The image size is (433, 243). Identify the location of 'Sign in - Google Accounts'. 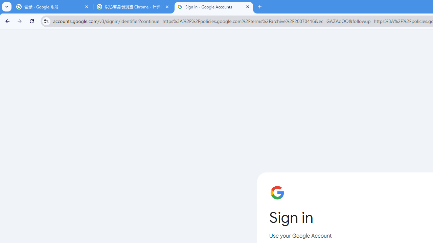
(213, 7).